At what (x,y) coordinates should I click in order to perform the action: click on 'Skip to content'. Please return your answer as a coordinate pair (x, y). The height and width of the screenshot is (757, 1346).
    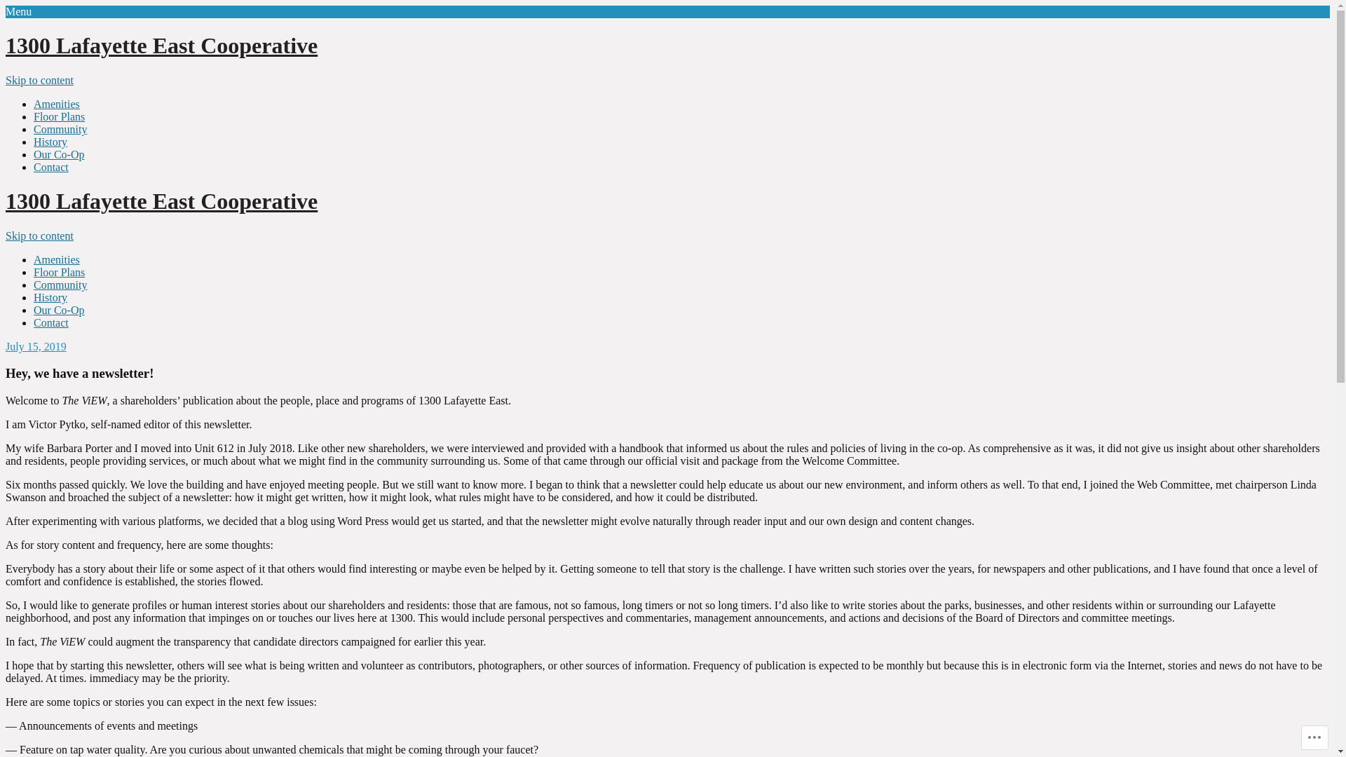
    Looking at the image, I should click on (39, 235).